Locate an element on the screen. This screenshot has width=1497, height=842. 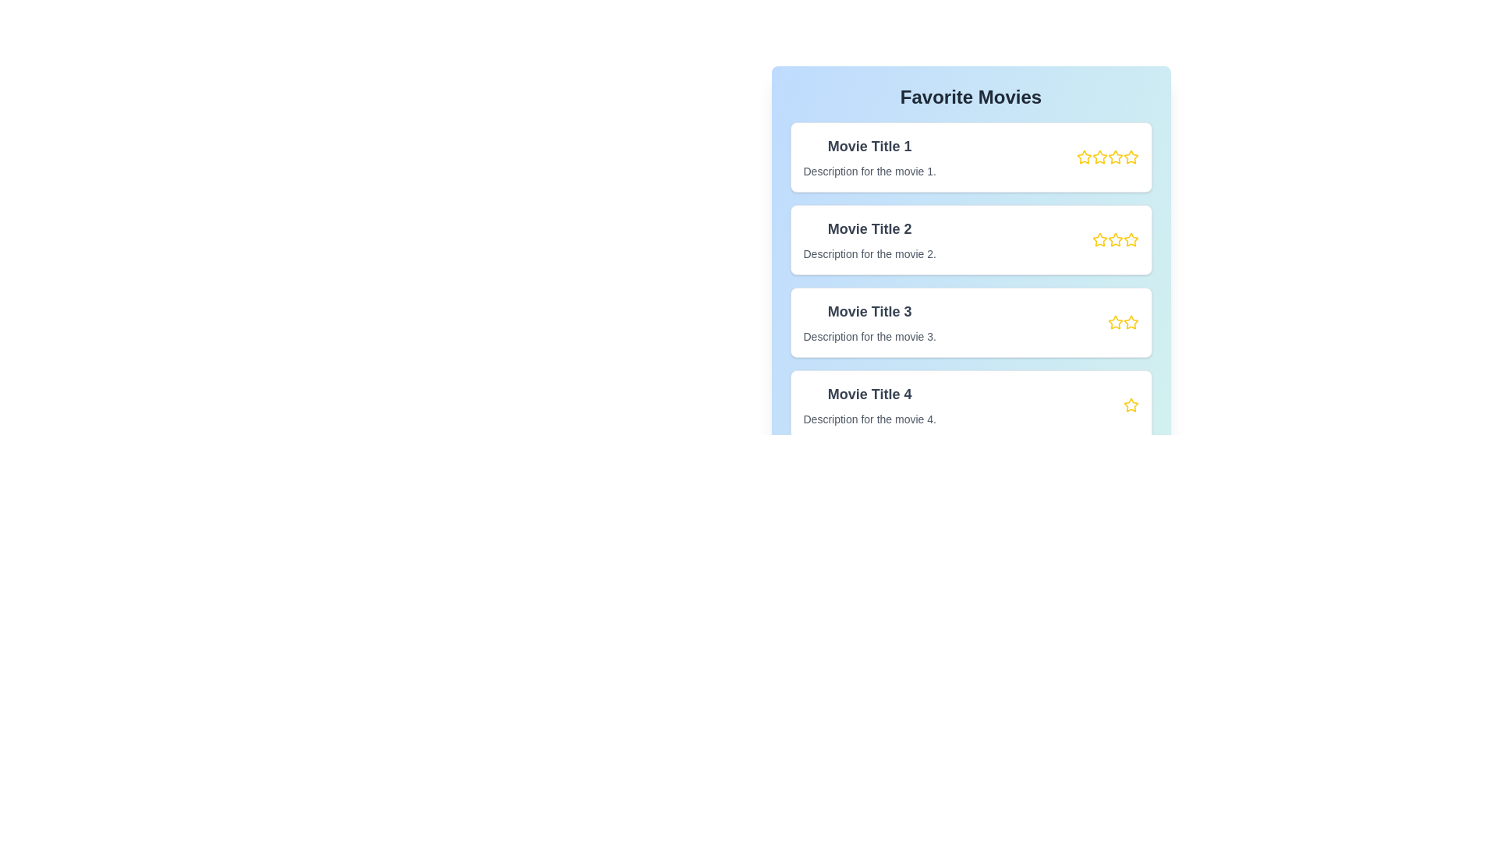
the rating for a movie to 2 stars by clicking on the corresponding star is located at coordinates (1099, 157).